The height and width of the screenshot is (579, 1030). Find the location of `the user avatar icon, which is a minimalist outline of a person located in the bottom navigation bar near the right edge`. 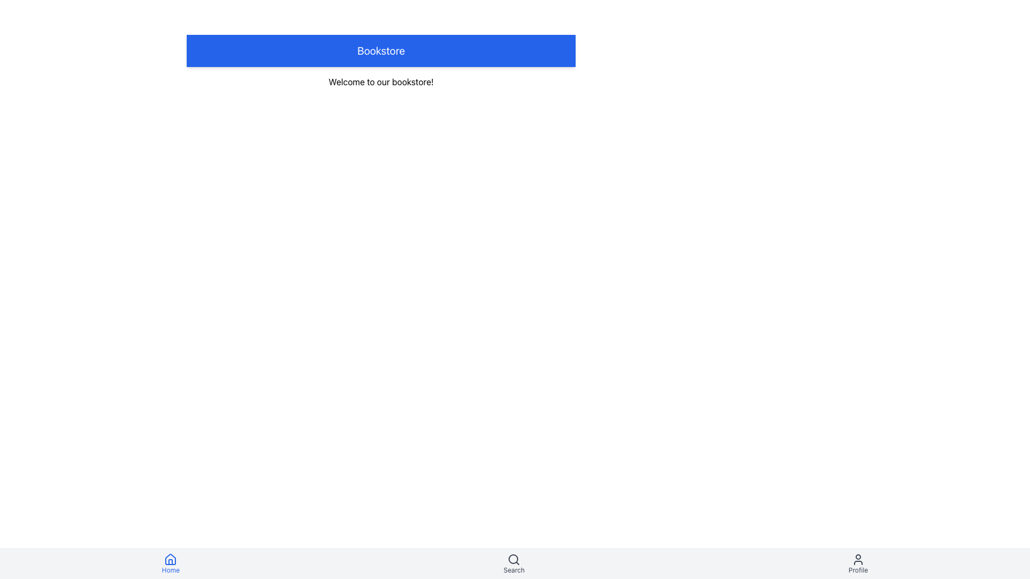

the user avatar icon, which is a minimalist outline of a person located in the bottom navigation bar near the right edge is located at coordinates (857, 559).